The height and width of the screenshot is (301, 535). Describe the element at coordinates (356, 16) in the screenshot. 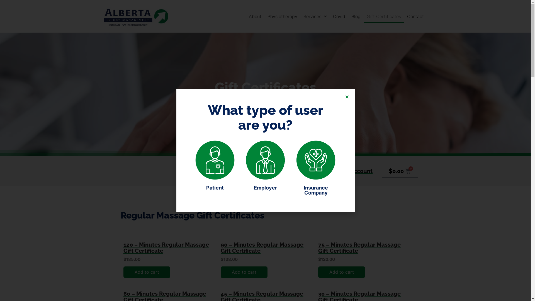

I see `'Blog'` at that location.